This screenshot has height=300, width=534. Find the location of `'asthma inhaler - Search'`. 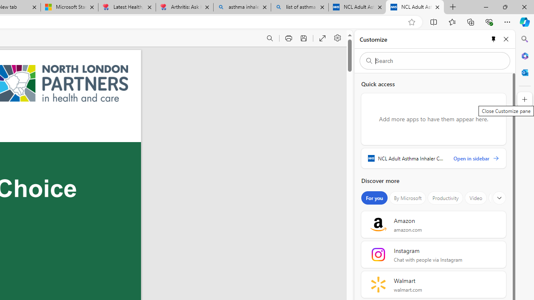

'asthma inhaler - Search' is located at coordinates (242, 7).